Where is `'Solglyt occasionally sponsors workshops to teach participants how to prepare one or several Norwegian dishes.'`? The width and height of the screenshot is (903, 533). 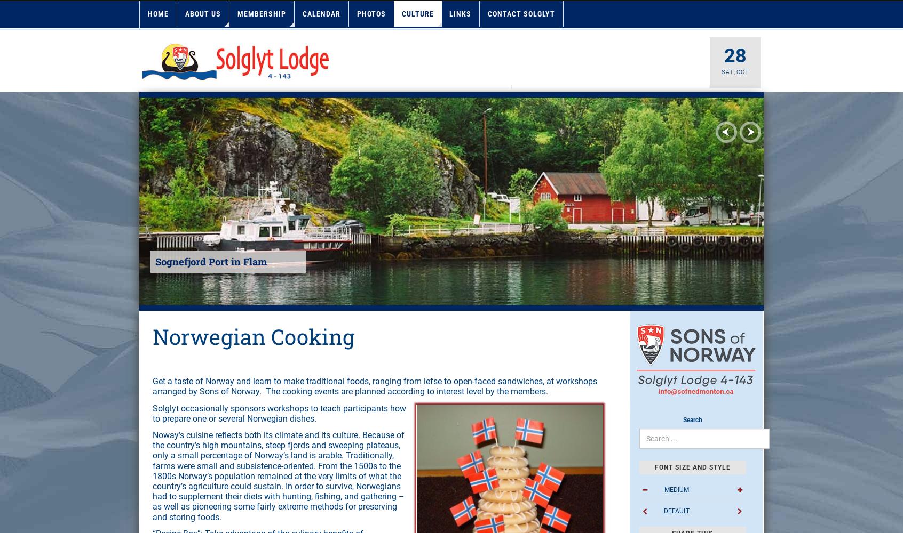
'Solglyt occasionally sponsors workshops to teach participants how to prepare one or several Norwegian dishes.' is located at coordinates (279, 413).